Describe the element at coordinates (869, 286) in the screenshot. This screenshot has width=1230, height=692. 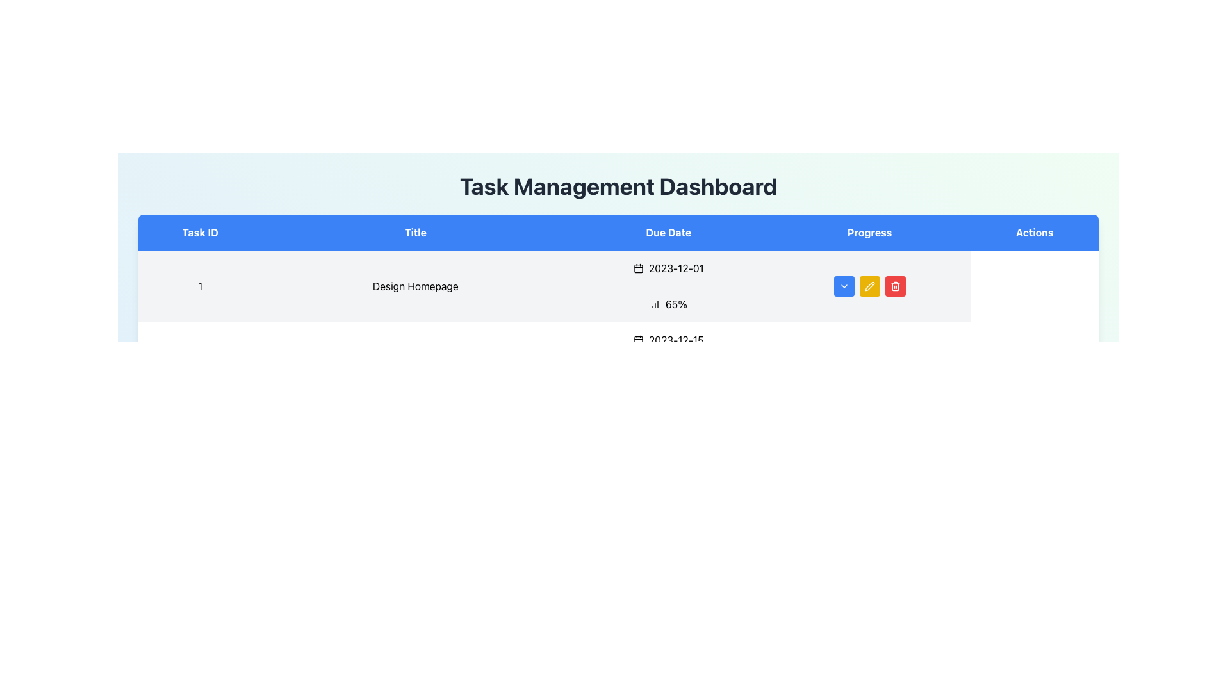
I see `the yellow pencil icon button in the 'Actions' column of the 'Task Management Dashboard'` at that location.